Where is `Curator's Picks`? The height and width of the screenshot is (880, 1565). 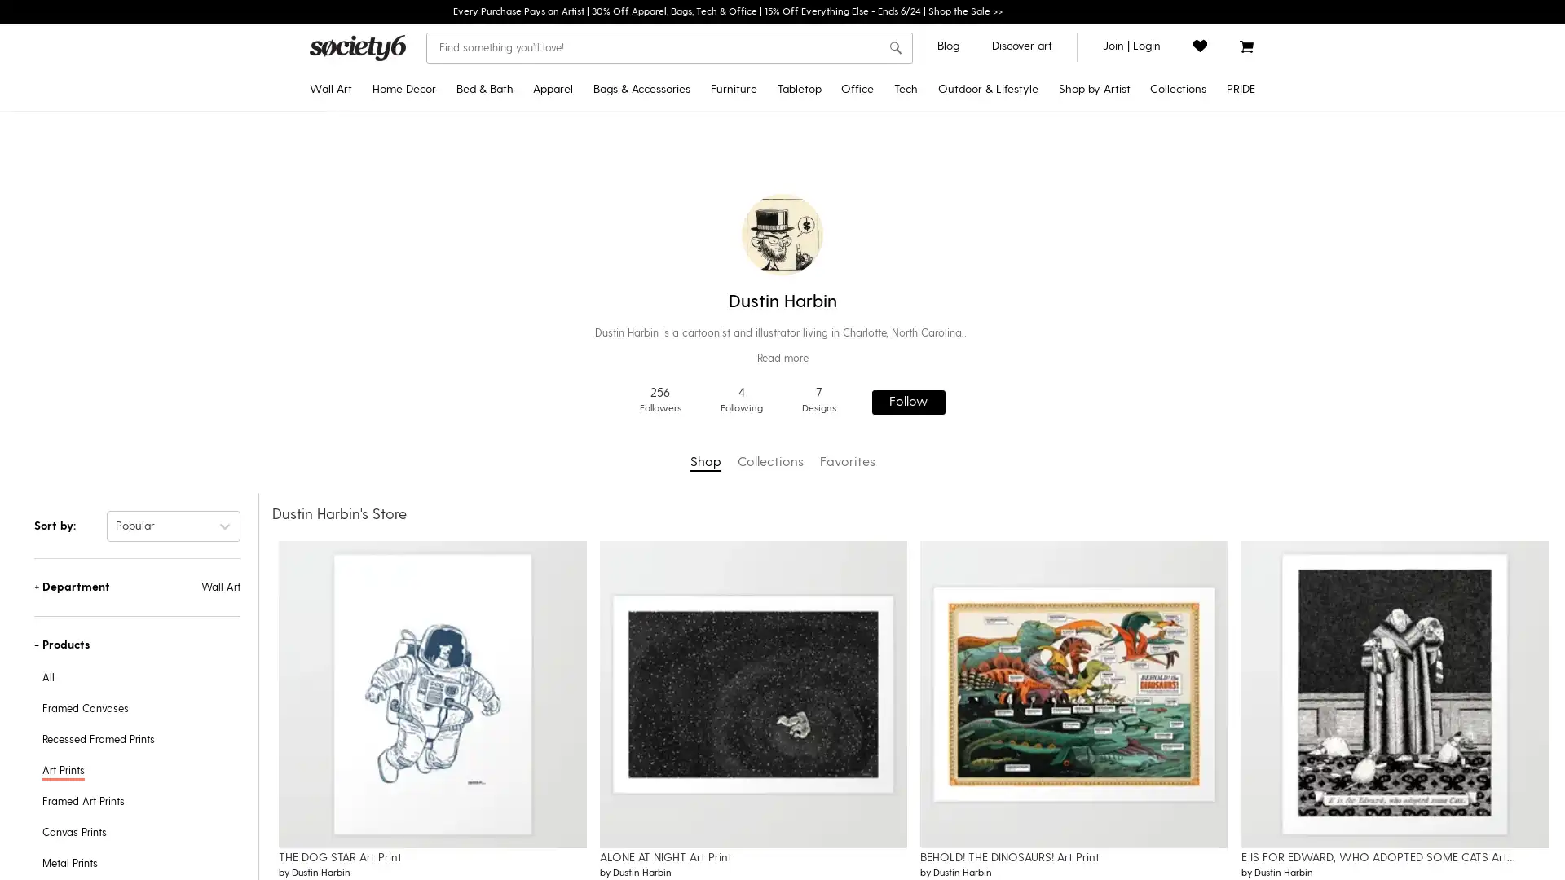
Curator's Picks is located at coordinates (1118, 262).